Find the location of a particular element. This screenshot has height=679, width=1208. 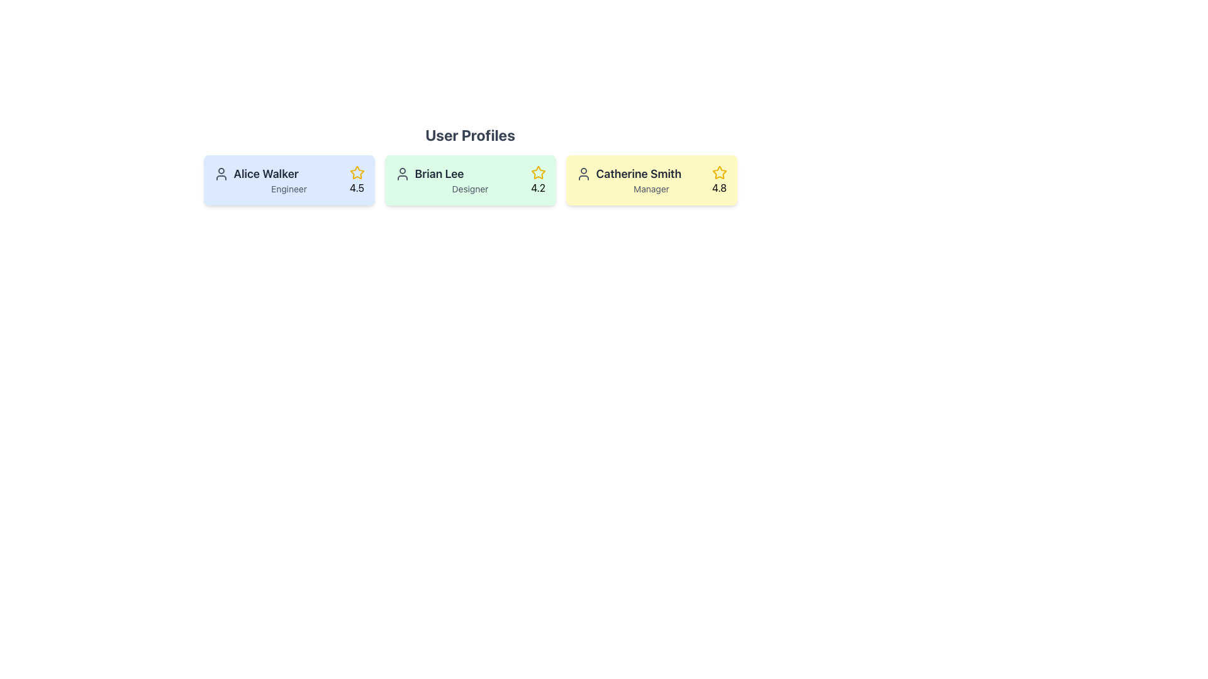

the star icon representing the rating of the third profile card, located in the upper-right corner, to the left of the numeric value '4.8' is located at coordinates (719, 172).